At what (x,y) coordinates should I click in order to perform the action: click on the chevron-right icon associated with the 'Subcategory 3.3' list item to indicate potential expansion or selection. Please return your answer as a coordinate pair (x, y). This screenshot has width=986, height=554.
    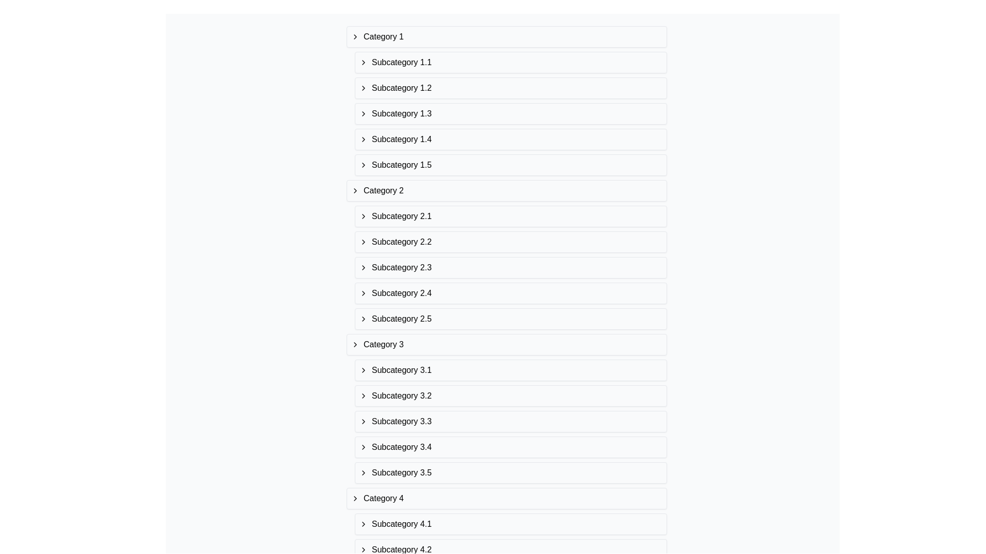
    Looking at the image, I should click on (364, 421).